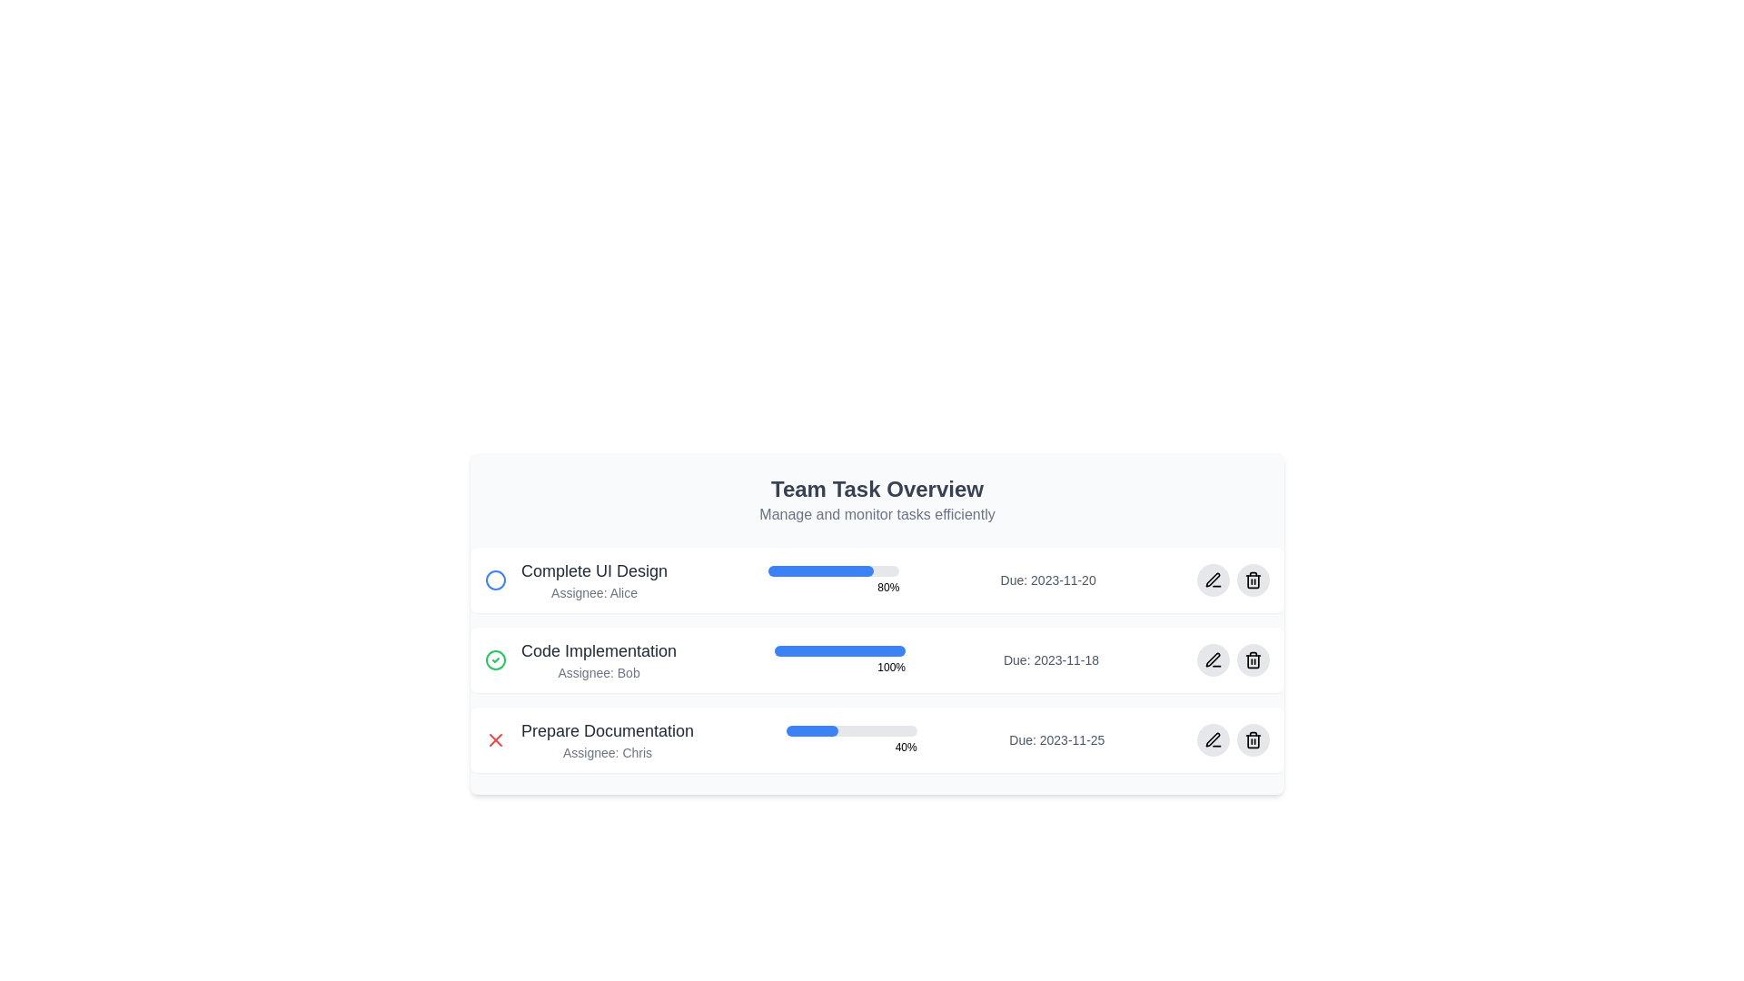 This screenshot has height=981, width=1744. What do you see at coordinates (496, 659) in the screenshot?
I see `the circular green-bordered icon with a checkmark indicating completion, located next to the 'Code Implementation' text in the second task row` at bounding box center [496, 659].